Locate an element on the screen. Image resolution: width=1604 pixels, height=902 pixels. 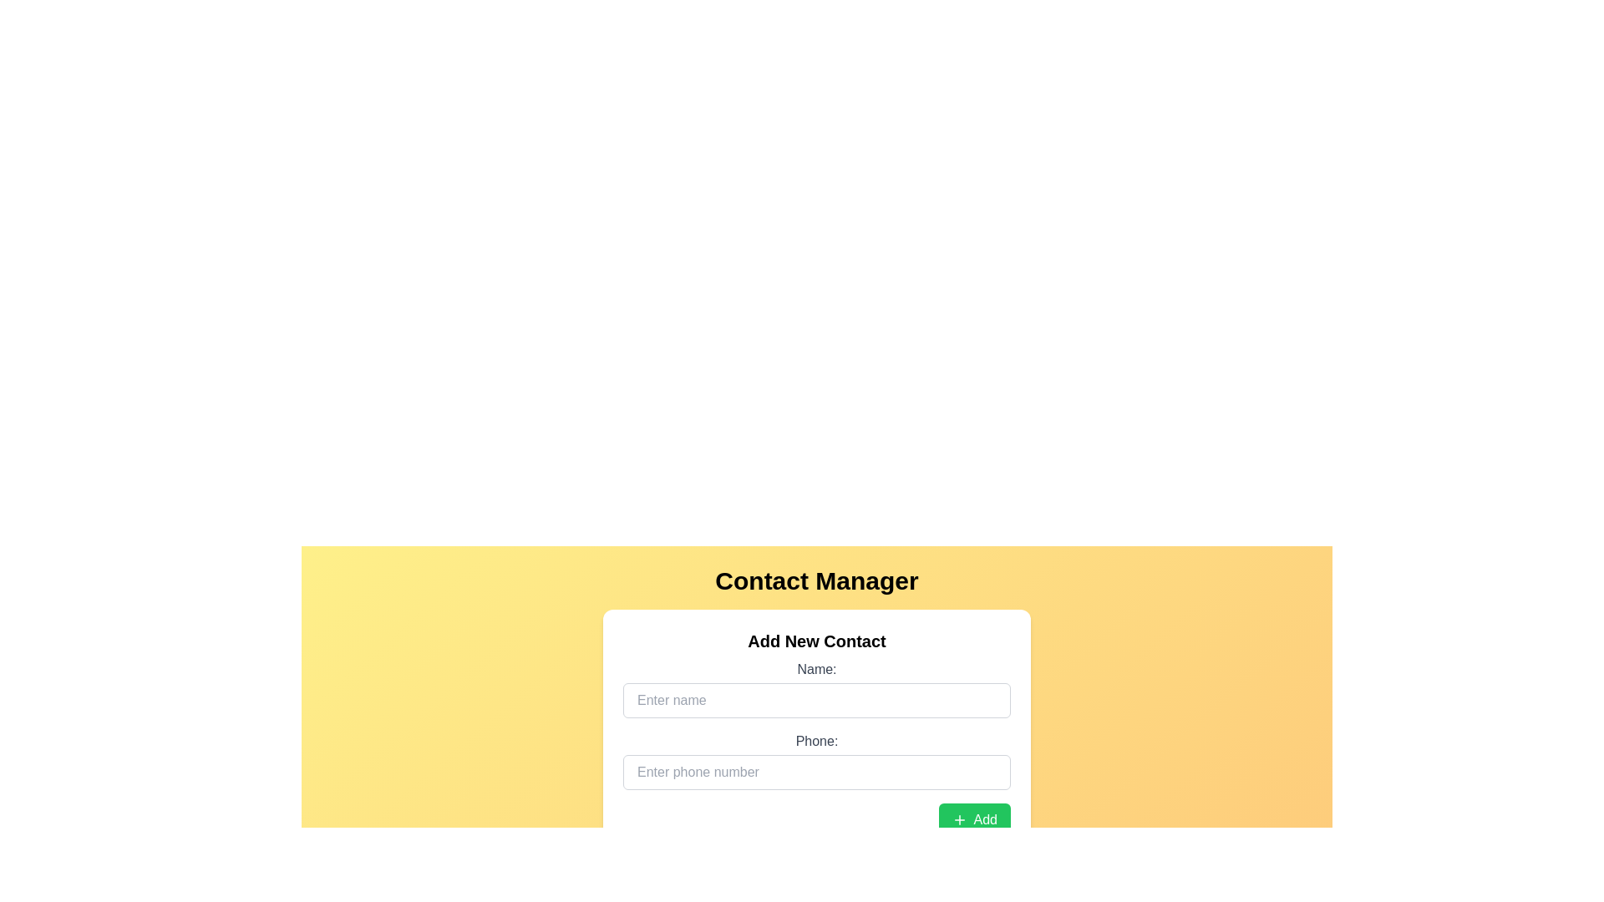
the text header labeled 'Add New Contact', which is styled in bold, large font and is centered near the top of the form with a white background and rounded corners is located at coordinates (817, 640).